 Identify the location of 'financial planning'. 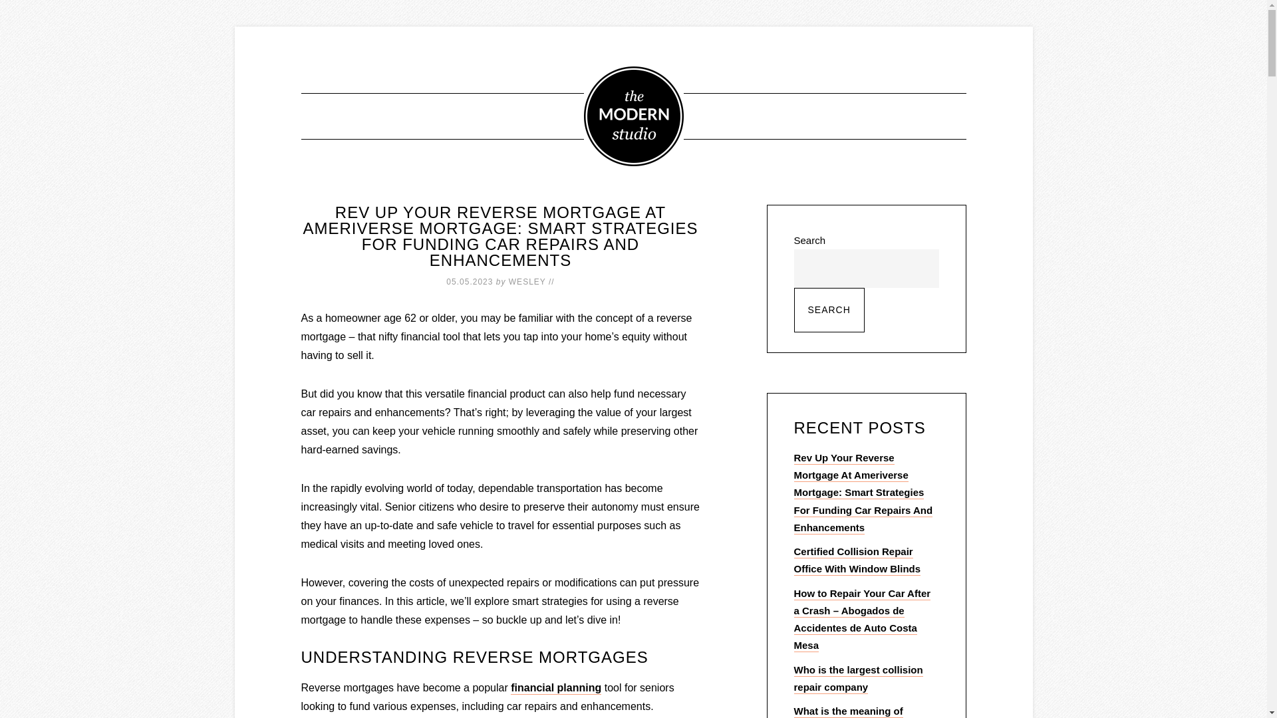
(555, 688).